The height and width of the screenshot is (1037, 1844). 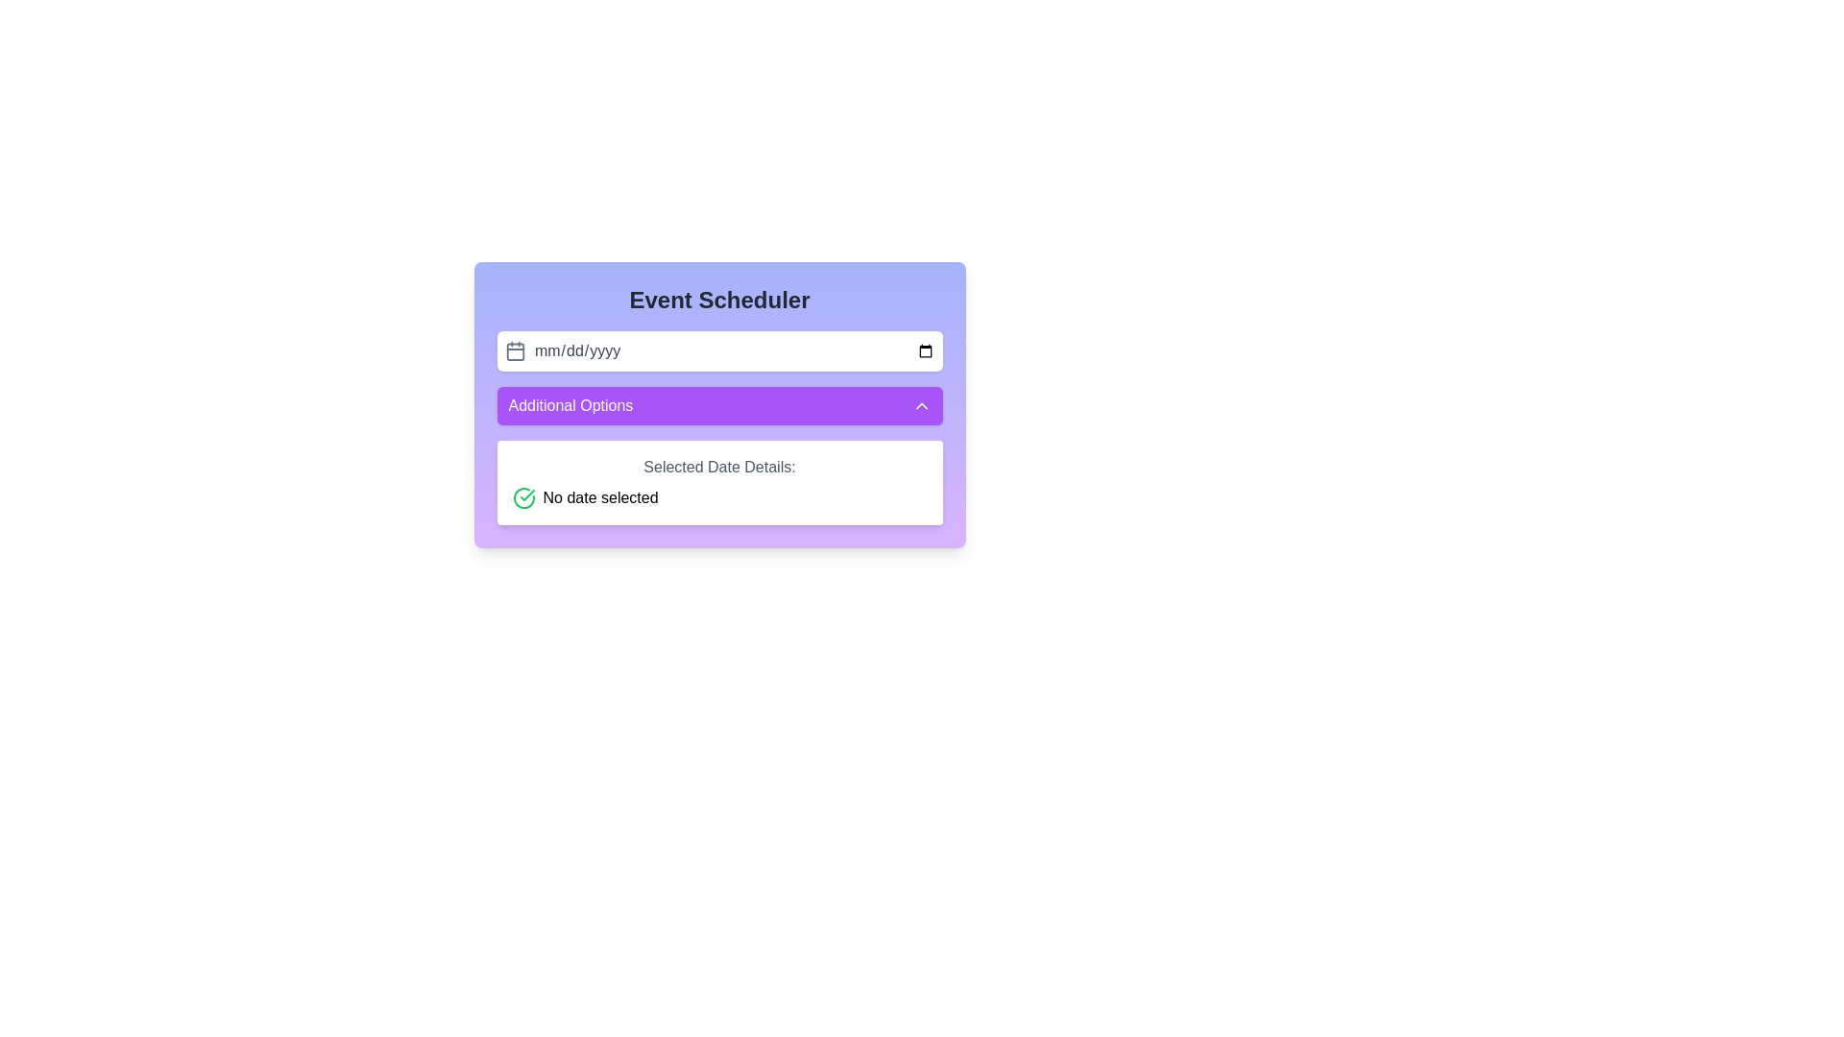 I want to click on the chevron-up icon within the 'Additional Options' button, which is styled with a minimalistic design and positioned on the right side of the interface, so click(x=920, y=405).